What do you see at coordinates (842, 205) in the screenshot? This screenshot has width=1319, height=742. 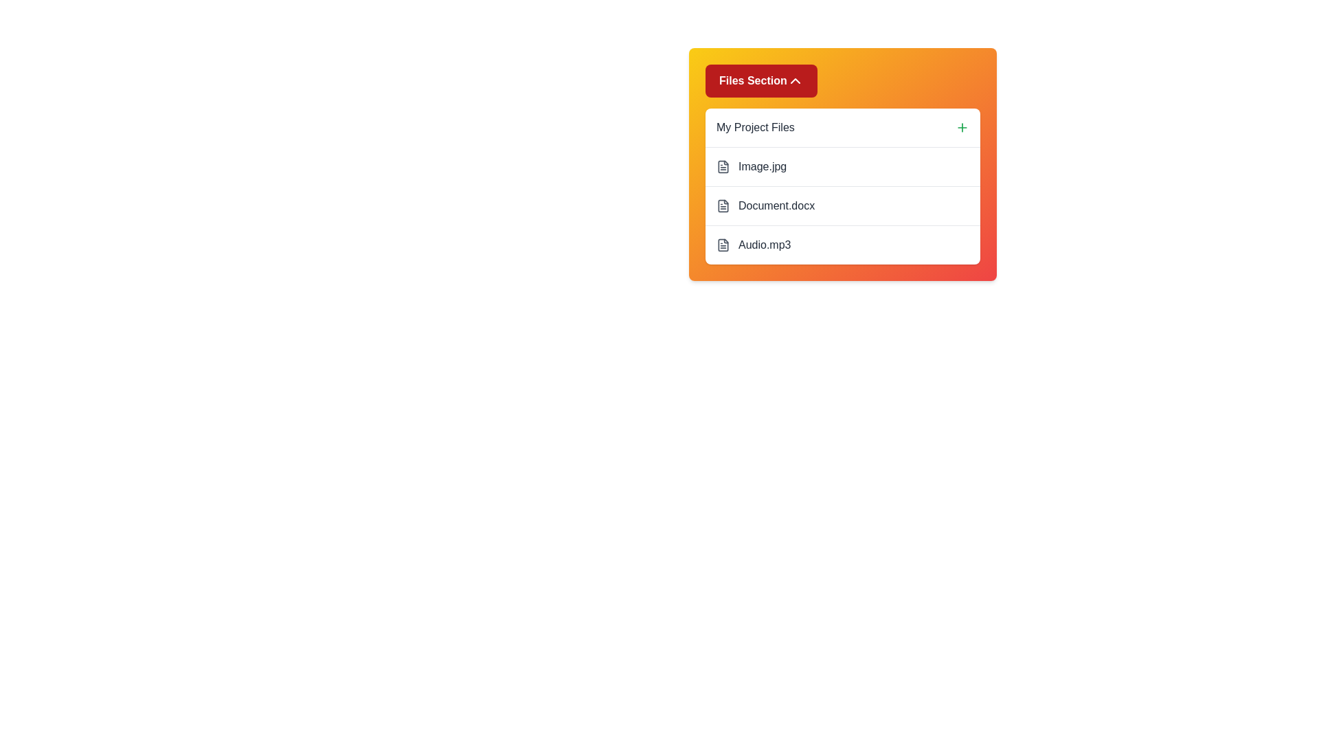 I see `the file named Document.docx to select it` at bounding box center [842, 205].